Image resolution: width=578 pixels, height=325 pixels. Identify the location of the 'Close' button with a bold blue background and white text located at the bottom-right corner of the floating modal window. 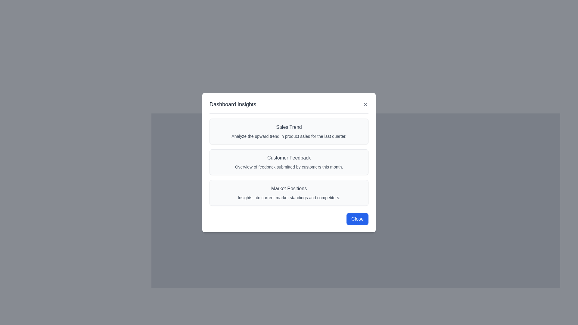
(357, 219).